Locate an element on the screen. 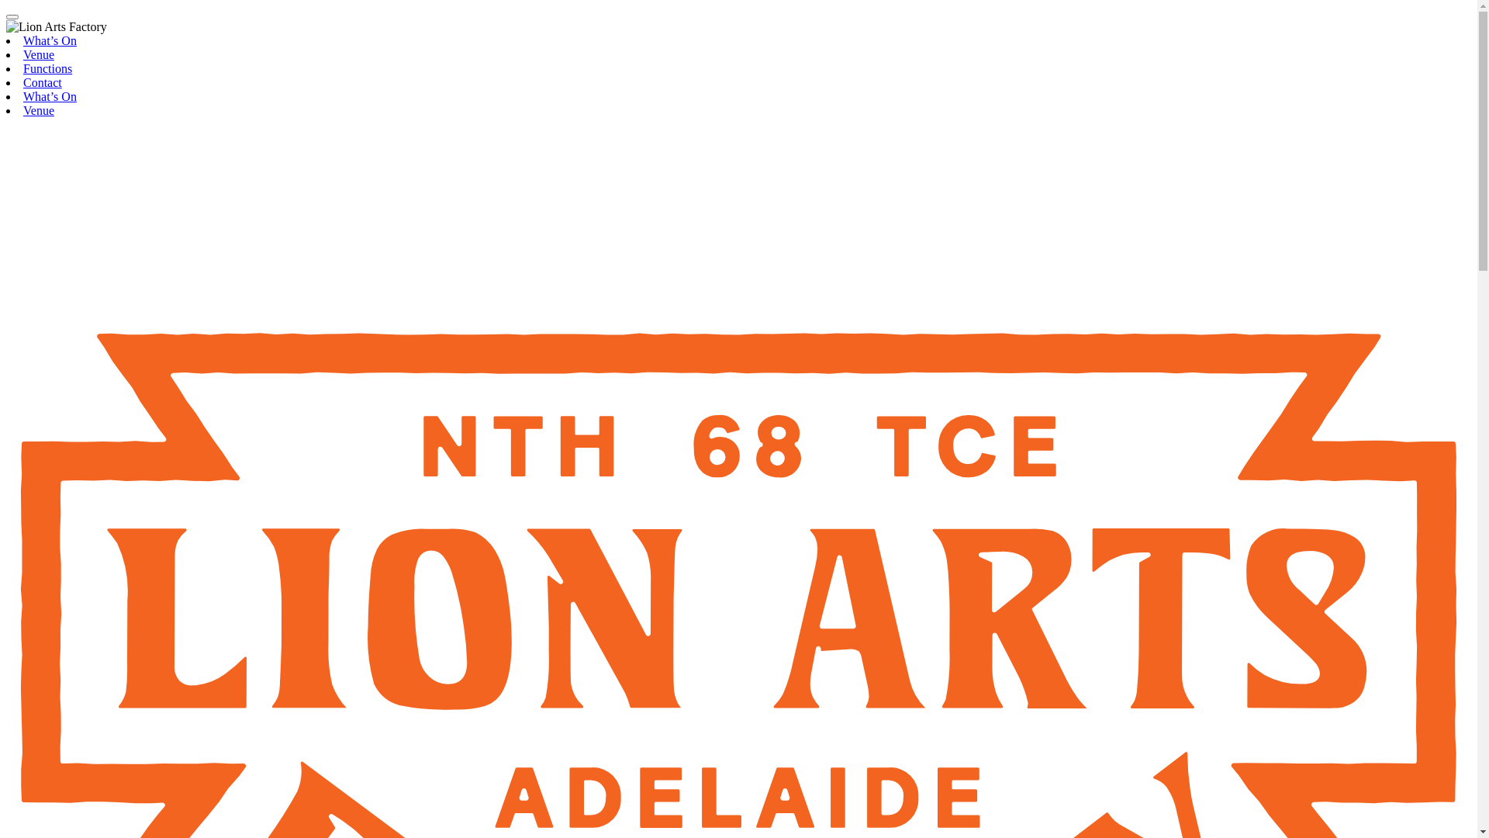  'Contact' is located at coordinates (42, 82).